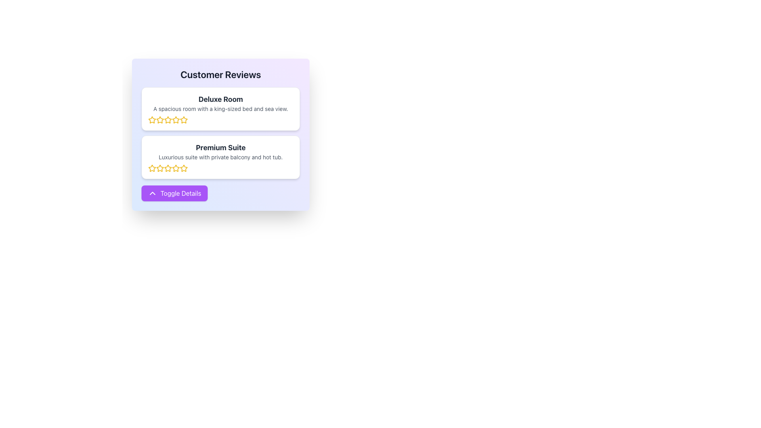 The width and height of the screenshot is (761, 428). Describe the element at coordinates (167, 168) in the screenshot. I see `the fourth rating star icon, which has a yellow outline and hollow center, located beneath the 'Premium Suite' text in the star rating component` at that location.